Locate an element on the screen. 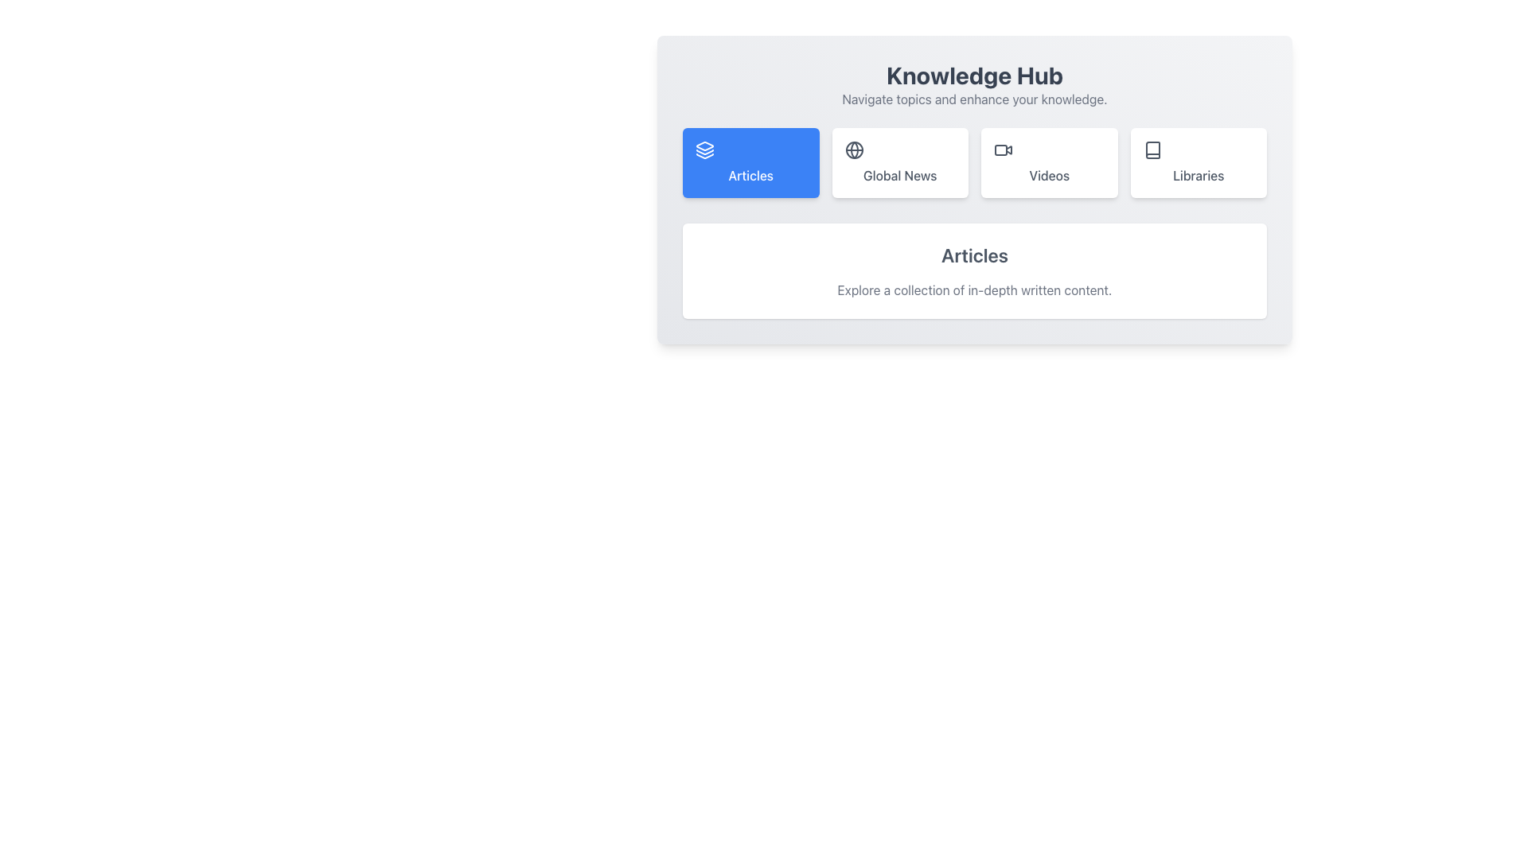 This screenshot has height=859, width=1528. the 'Libraries' static text label that serves as a descriptive label for its associated icon is located at coordinates (1199, 175).